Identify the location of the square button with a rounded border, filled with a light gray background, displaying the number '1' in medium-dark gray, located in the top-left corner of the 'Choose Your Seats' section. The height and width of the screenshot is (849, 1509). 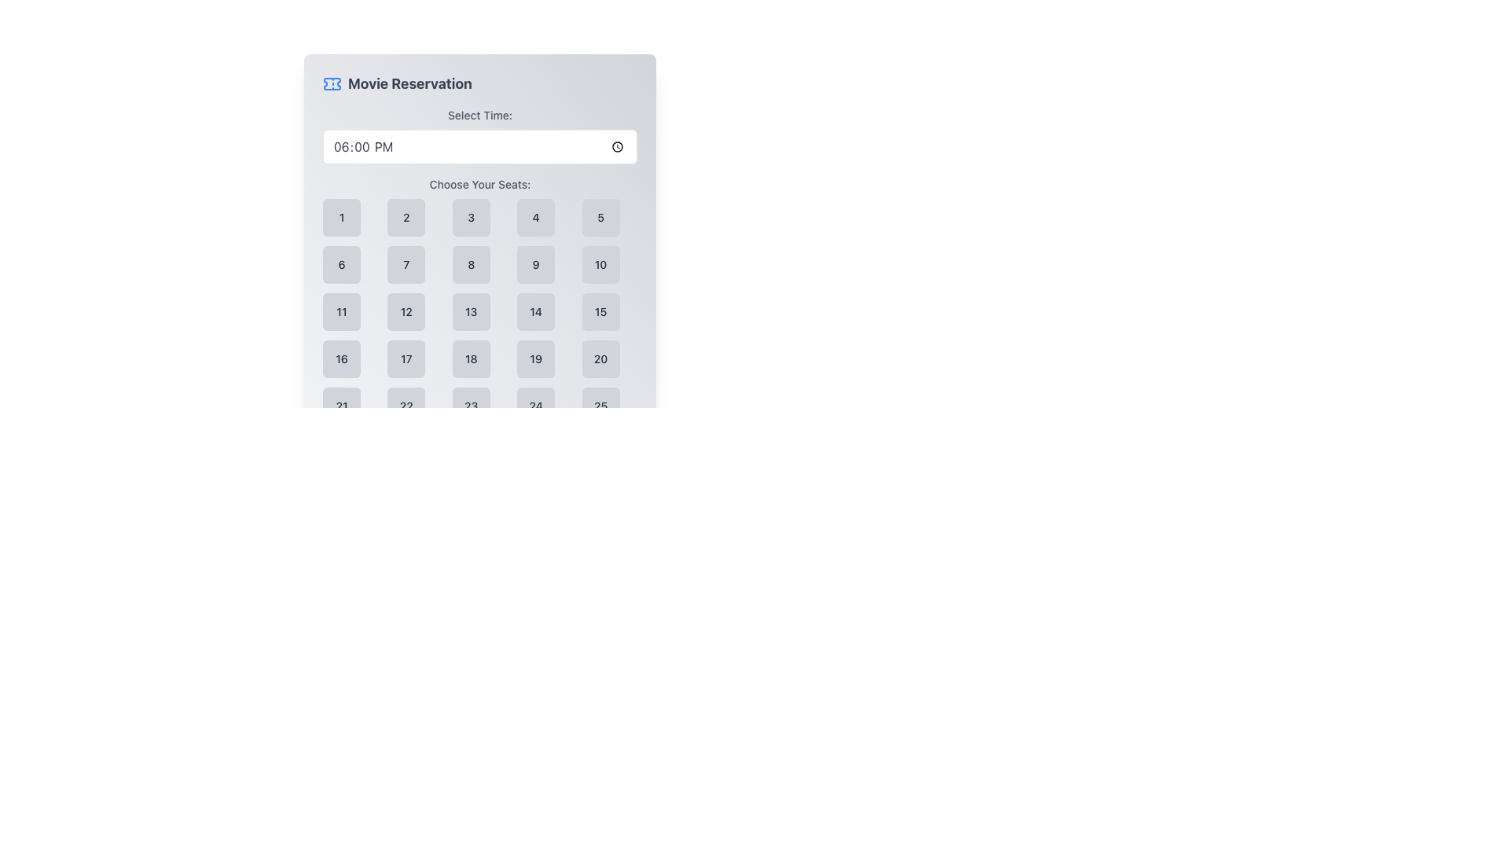
(341, 218).